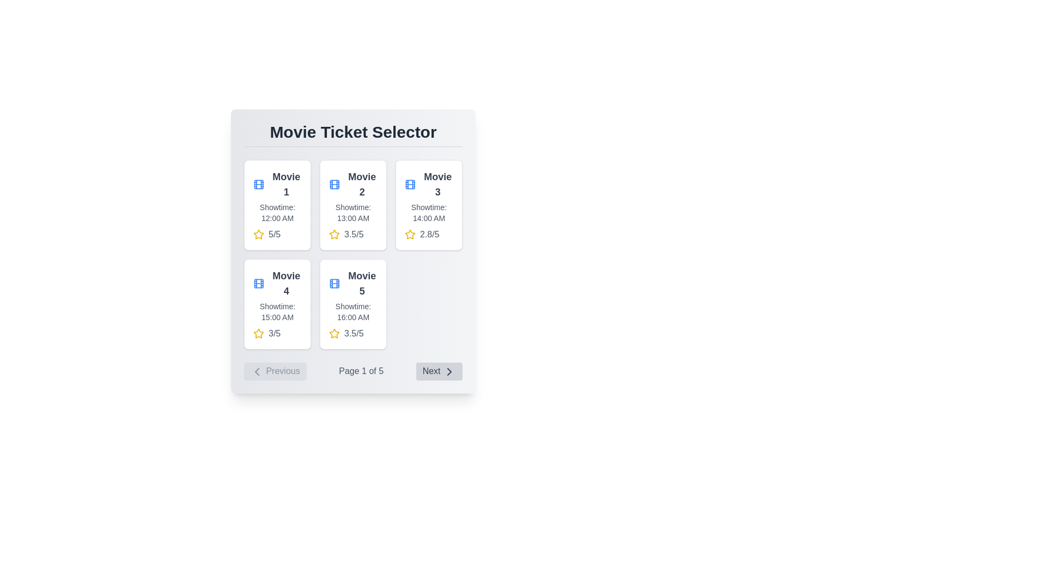 The width and height of the screenshot is (1046, 588). I want to click on the 'Next' navigation icon located in the bottom-right area of the visible main panel, which indicates the functionality for forward navigation, so click(449, 371).